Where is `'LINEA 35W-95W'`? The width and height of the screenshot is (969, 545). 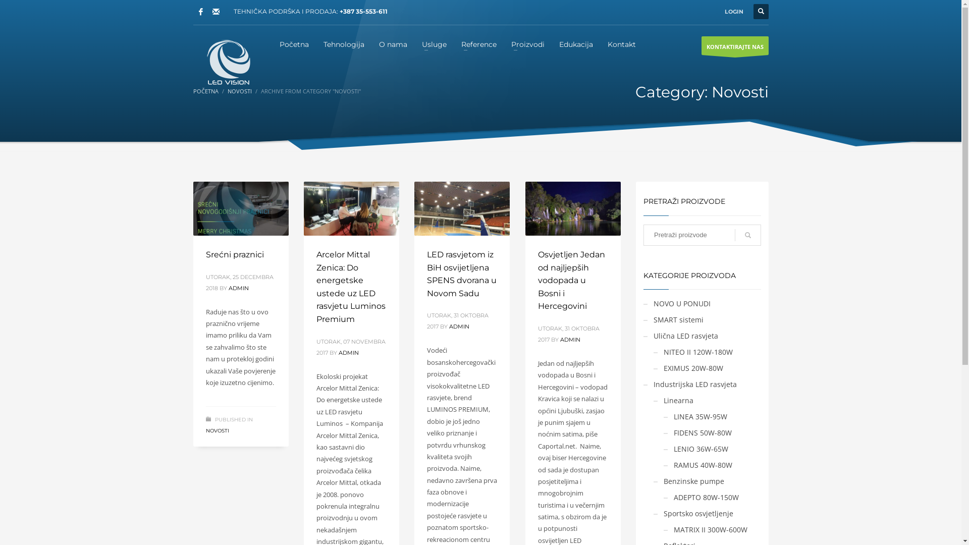
'LINEA 35W-95W' is located at coordinates (694, 416).